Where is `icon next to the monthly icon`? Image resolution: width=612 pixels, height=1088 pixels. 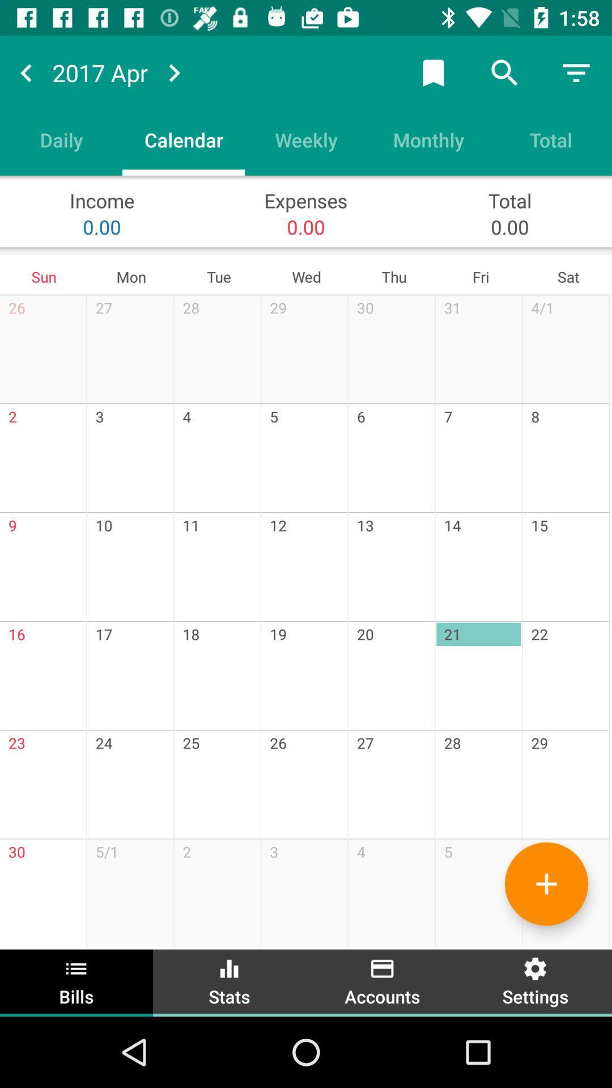 icon next to the monthly icon is located at coordinates (306, 139).